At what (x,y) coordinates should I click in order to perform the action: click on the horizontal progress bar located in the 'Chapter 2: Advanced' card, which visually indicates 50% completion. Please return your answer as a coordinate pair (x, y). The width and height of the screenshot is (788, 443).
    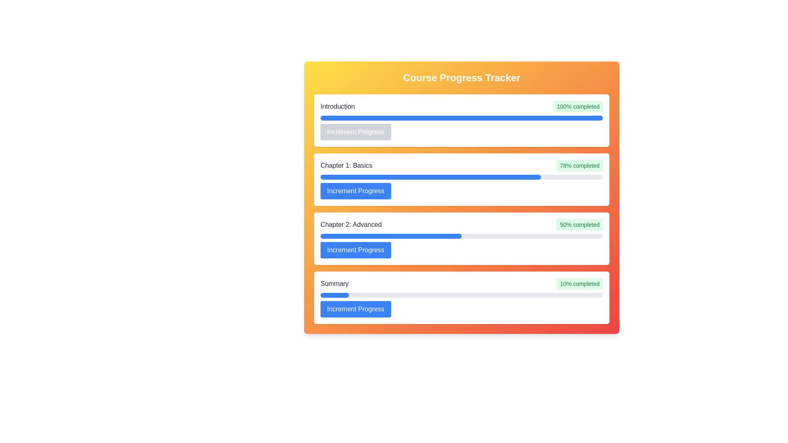
    Looking at the image, I should click on (461, 236).